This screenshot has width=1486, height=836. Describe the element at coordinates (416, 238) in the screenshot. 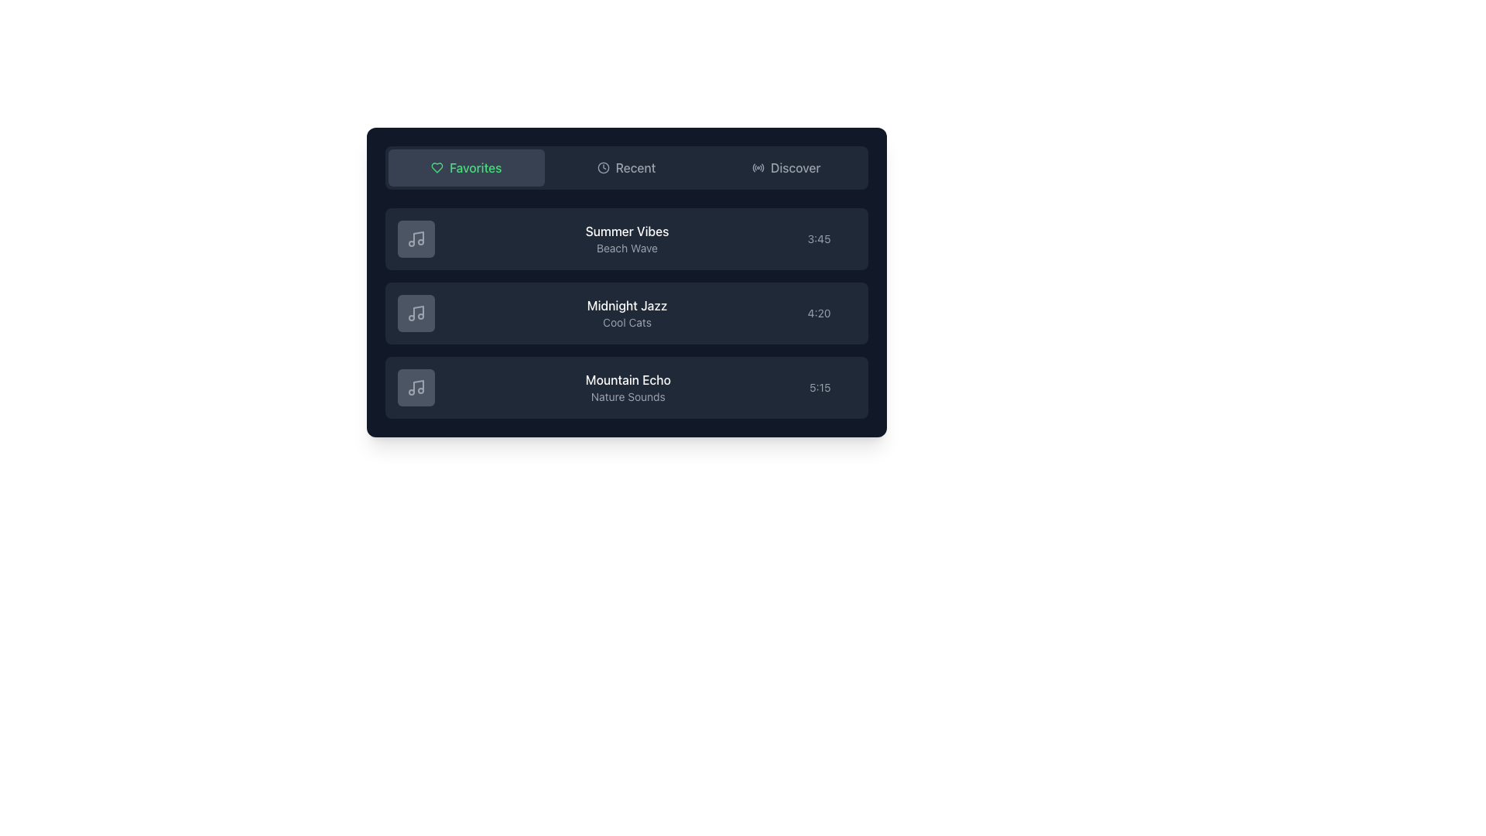

I see `the gray square icon with a rounded corner and a centered music note symbol, which is the first icon on the left of the entry containing 'Summer Vibes', 'Beach Wave', and '3:45'` at that location.